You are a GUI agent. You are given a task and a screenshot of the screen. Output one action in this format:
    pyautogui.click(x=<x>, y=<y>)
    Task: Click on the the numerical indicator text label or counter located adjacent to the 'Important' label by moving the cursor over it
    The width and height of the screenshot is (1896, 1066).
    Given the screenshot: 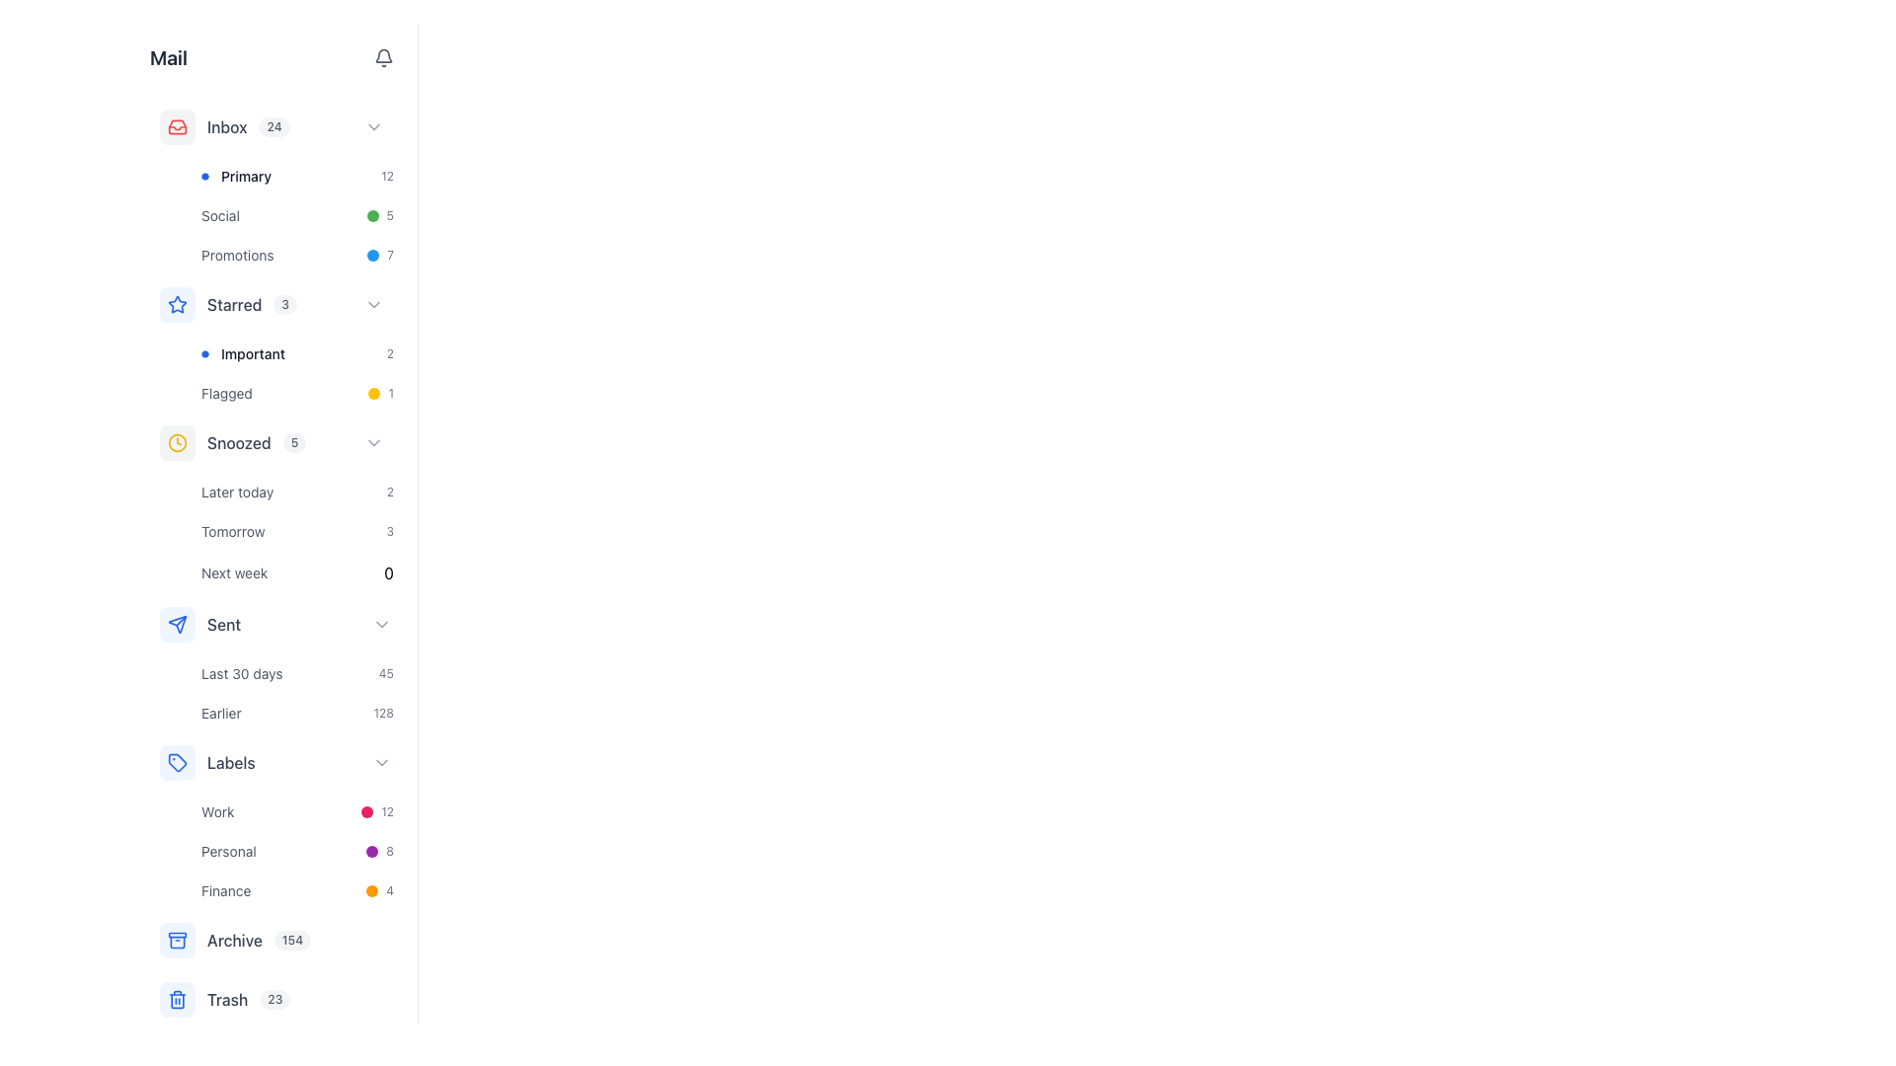 What is the action you would take?
    pyautogui.click(x=390, y=352)
    